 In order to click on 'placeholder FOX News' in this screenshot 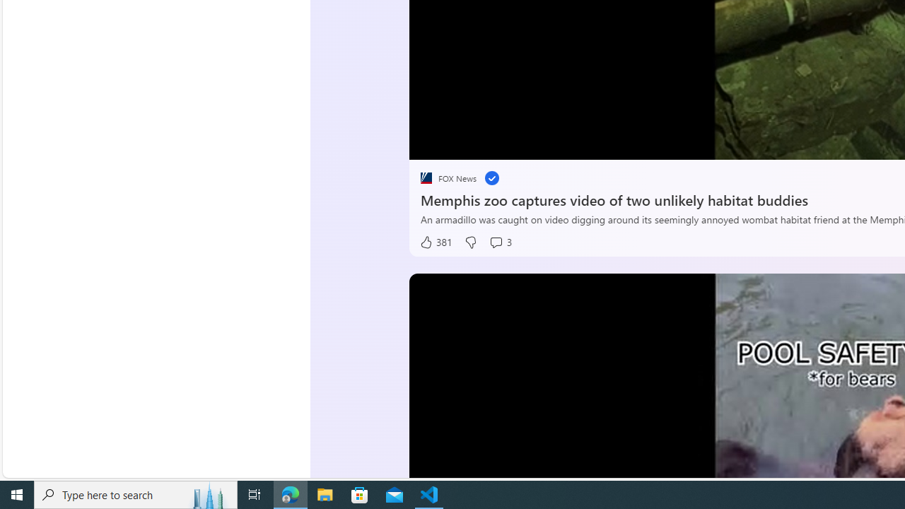, I will do `click(448, 177)`.